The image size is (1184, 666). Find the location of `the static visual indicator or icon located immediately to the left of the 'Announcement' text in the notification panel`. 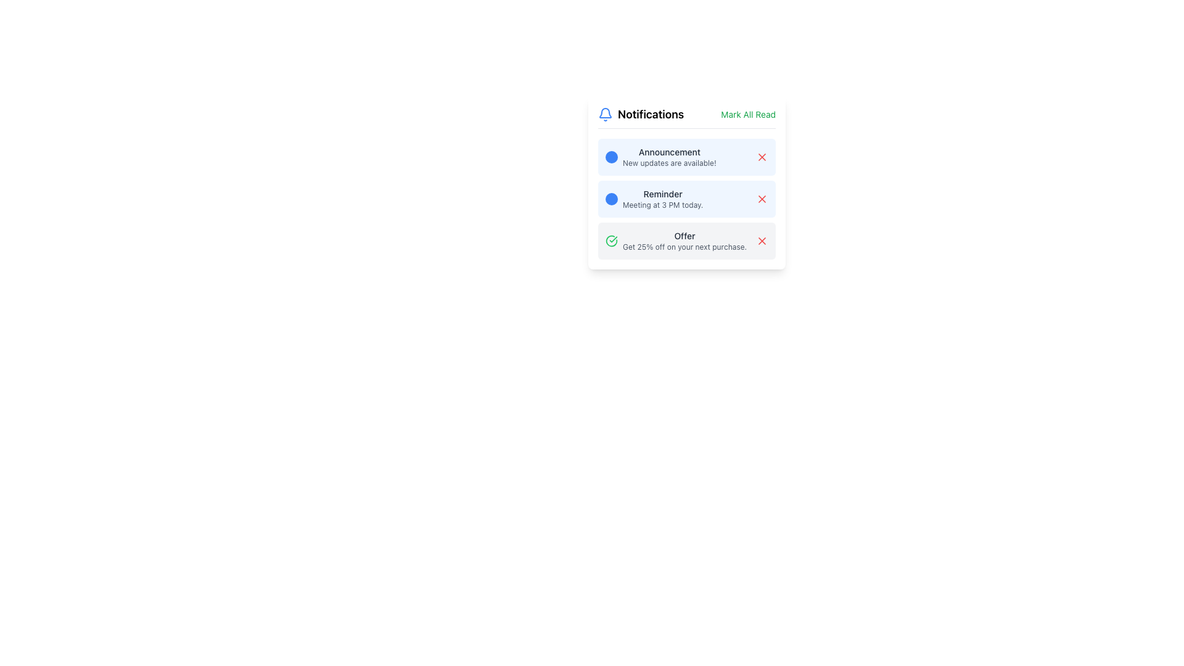

the static visual indicator or icon located immediately to the left of the 'Announcement' text in the notification panel is located at coordinates (612, 156).